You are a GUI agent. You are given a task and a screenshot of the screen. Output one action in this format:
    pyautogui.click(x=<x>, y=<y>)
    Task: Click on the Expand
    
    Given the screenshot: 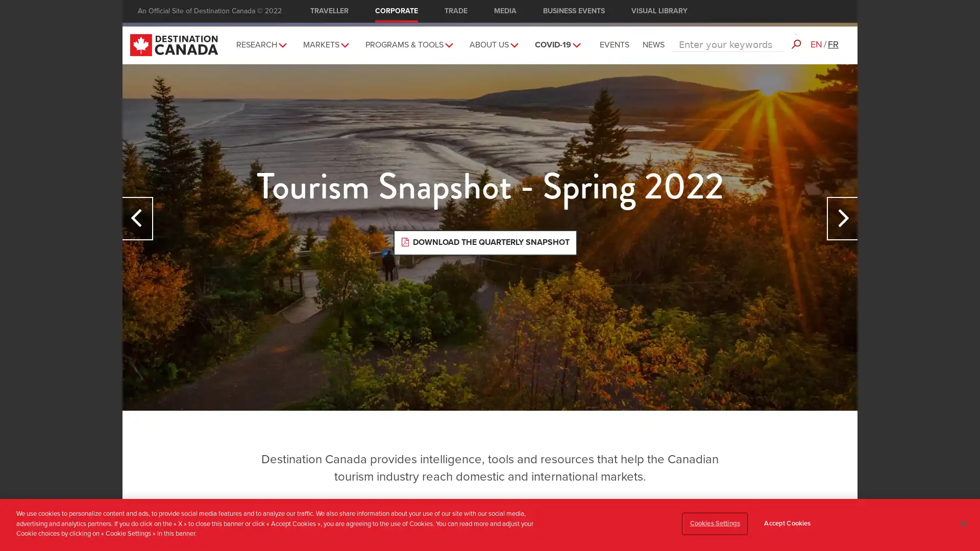 What is the action you would take?
    pyautogui.click(x=446, y=41)
    